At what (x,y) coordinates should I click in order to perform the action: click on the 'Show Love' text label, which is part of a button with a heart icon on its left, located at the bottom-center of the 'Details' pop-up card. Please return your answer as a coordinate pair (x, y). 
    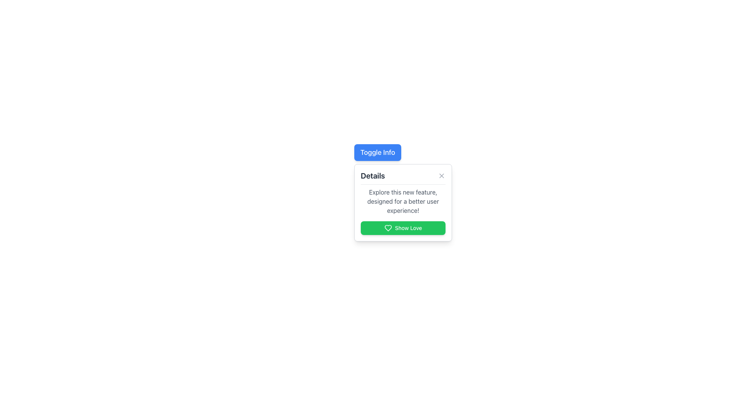
    Looking at the image, I should click on (408, 227).